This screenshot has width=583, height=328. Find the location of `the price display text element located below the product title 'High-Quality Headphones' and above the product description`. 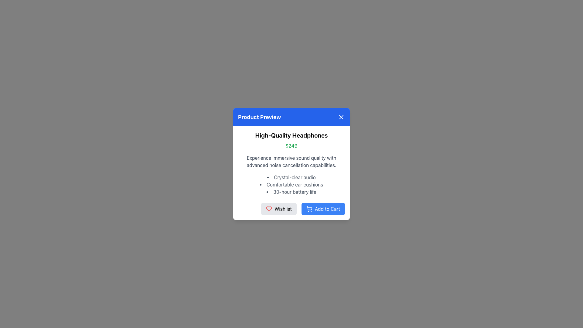

the price display text element located below the product title 'High-Quality Headphones' and above the product description is located at coordinates (291, 145).